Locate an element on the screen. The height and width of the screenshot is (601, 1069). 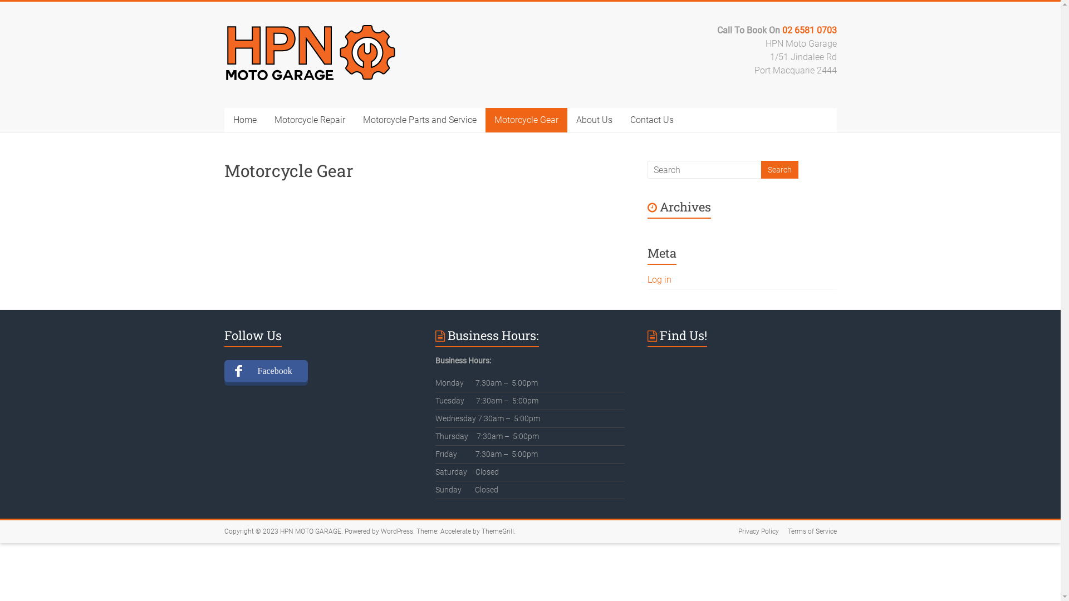
'Search' is located at coordinates (778, 169).